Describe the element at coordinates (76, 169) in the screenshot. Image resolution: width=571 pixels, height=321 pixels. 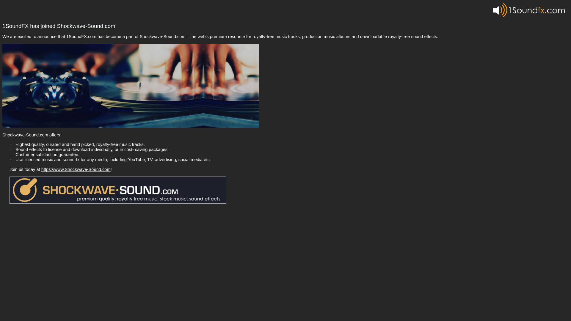
I see `'https://www.Shockwave-Sound.com'` at that location.